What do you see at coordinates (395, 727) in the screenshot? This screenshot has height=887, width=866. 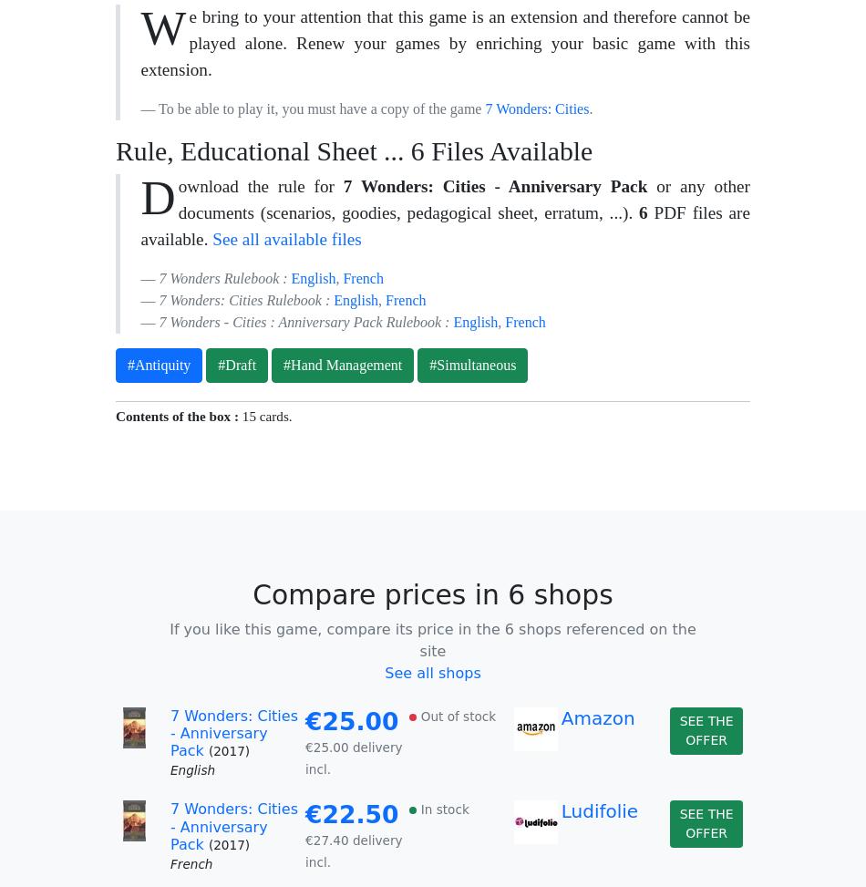 I see `'About'` at bounding box center [395, 727].